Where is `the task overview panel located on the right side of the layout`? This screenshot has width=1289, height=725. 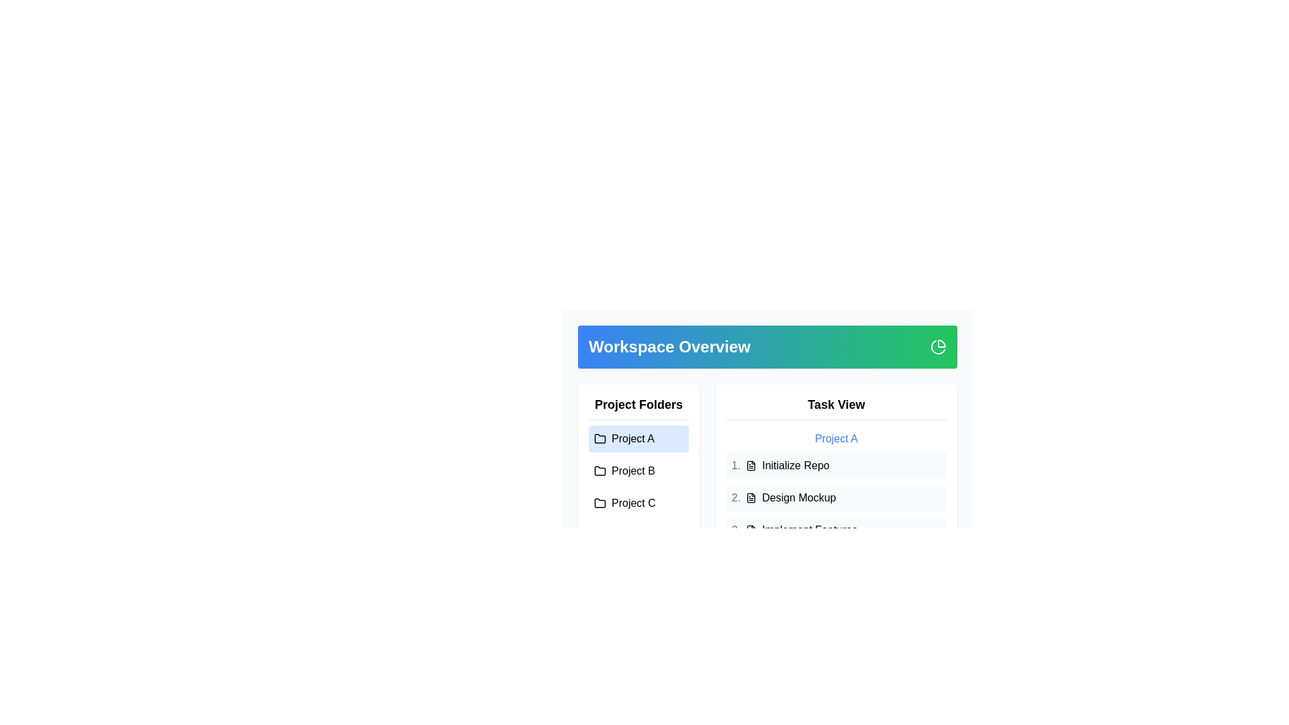 the task overview panel located on the right side of the layout is located at coordinates (835, 469).